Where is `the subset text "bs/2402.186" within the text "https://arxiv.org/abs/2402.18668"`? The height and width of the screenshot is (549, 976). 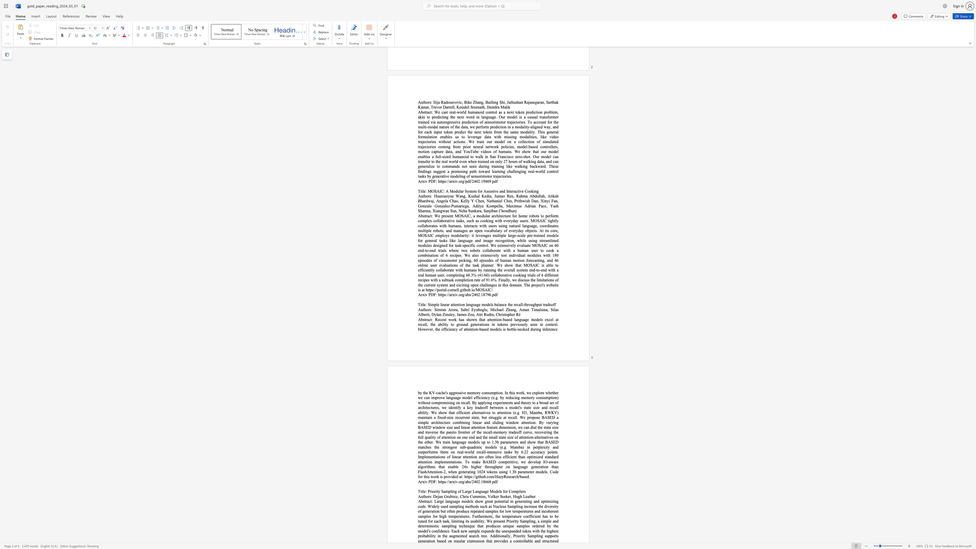 the subset text "bs/2402.186" within the text "https://arxiv.org/abs/2402.18668" is located at coordinates (467, 482).